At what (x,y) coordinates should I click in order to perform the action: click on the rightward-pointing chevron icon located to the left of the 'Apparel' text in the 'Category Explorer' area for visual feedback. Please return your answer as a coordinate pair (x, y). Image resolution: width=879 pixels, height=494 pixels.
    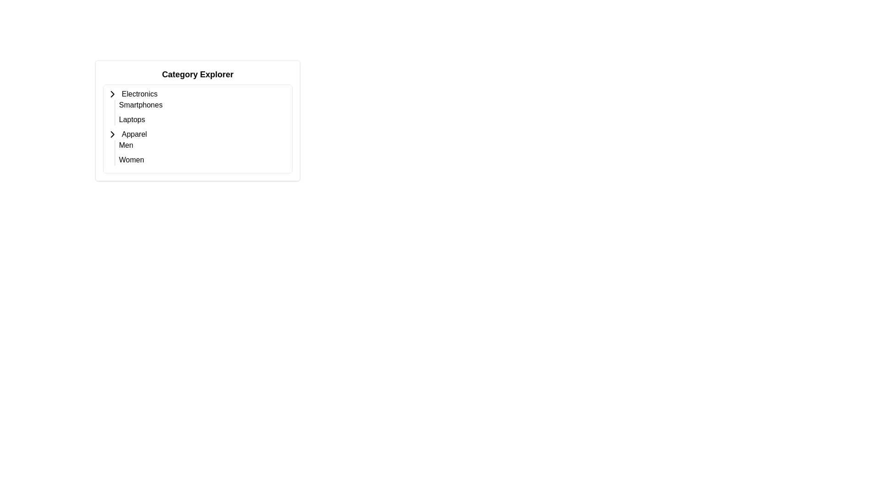
    Looking at the image, I should click on (112, 134).